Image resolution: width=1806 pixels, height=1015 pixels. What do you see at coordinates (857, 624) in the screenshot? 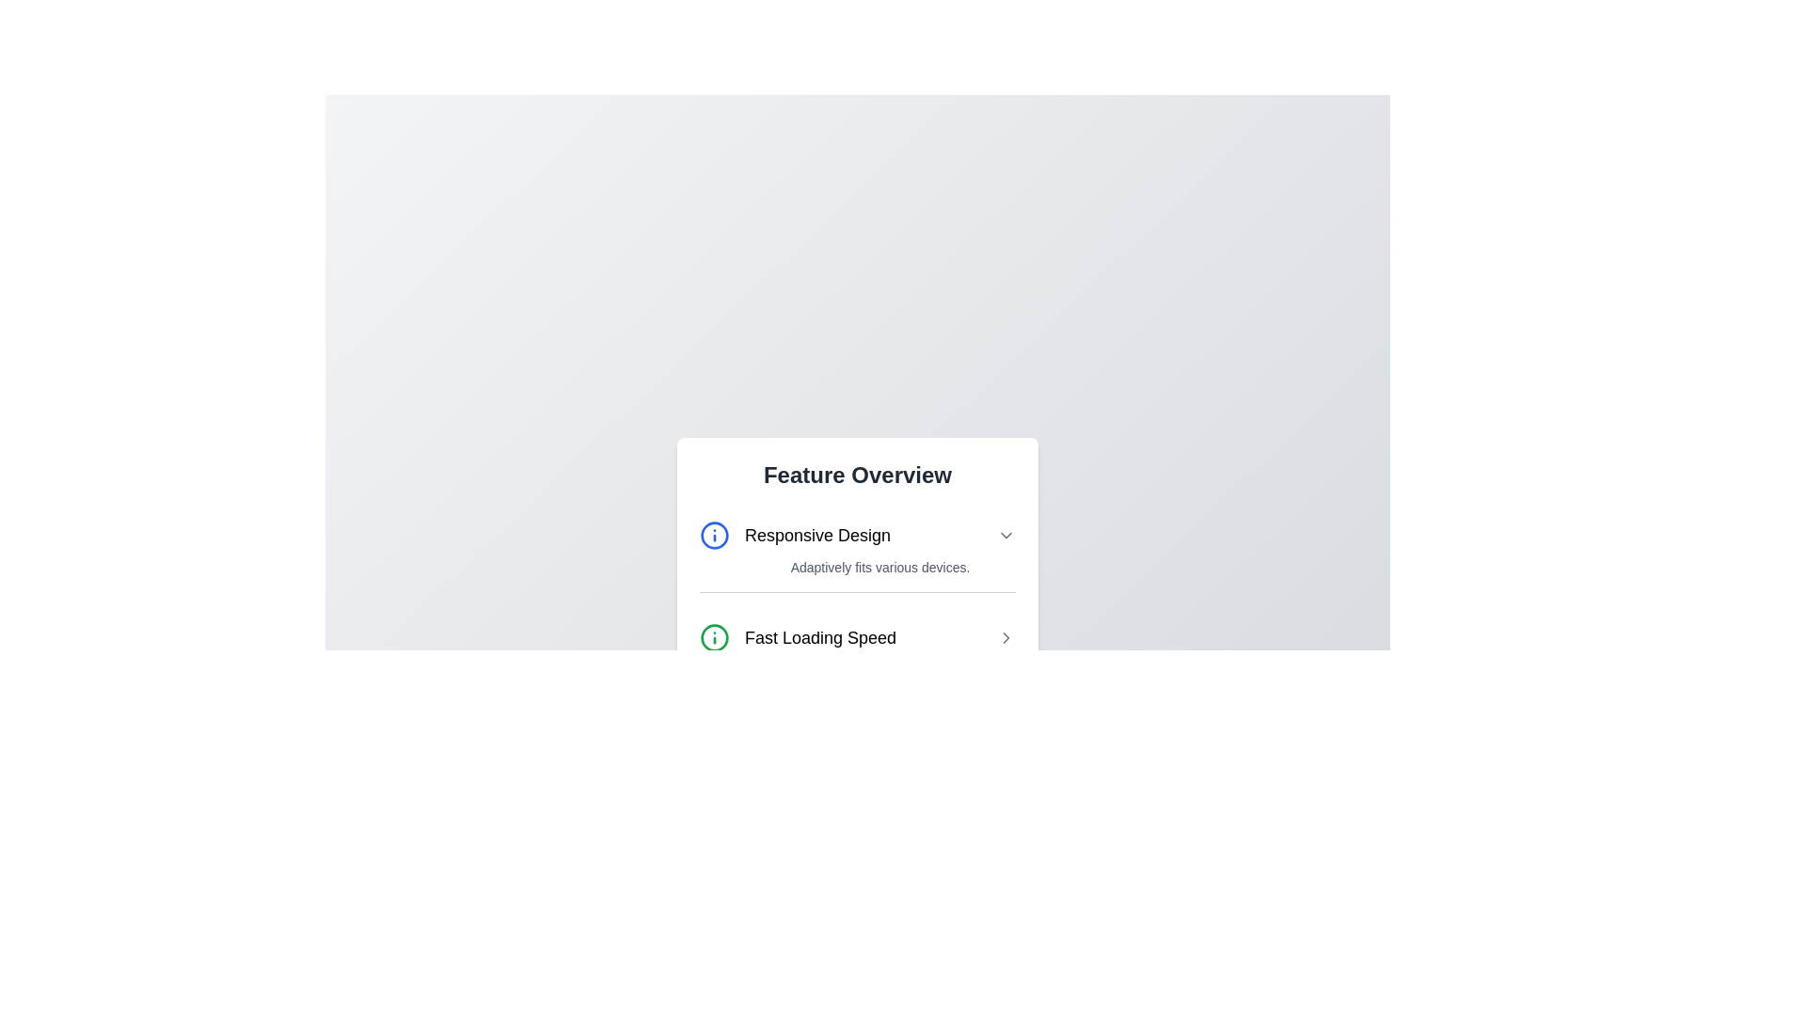
I see `the 'Fast Loading Speed' feature text element, which is the second feature listed in the 'Feature Overview' card layout, positioned below 'Responsive Design' and above 'User Friendly', with a green circular icon to its left and an arrow icon on its right` at bounding box center [857, 624].